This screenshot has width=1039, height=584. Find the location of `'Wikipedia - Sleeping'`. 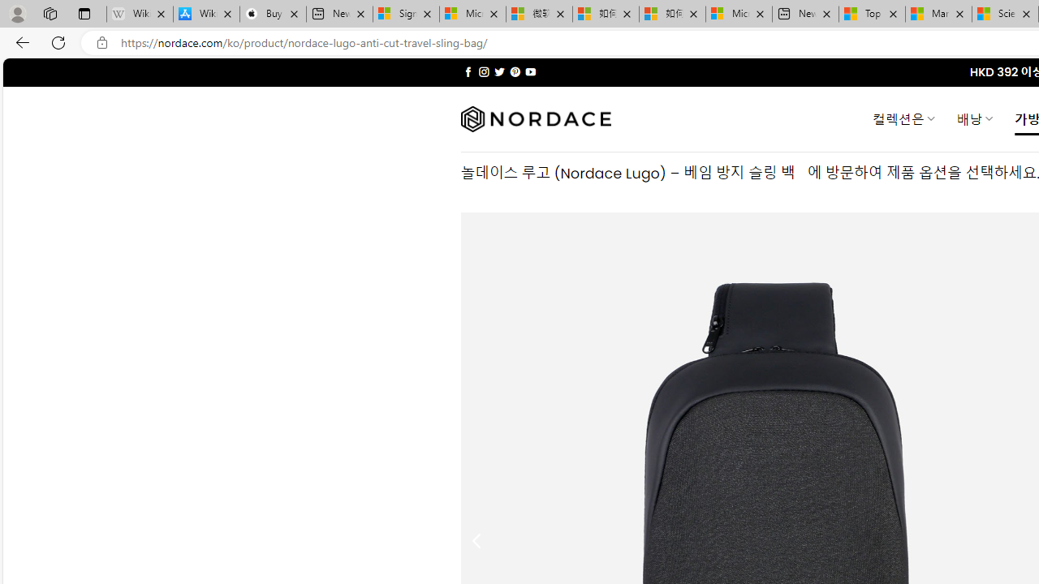

'Wikipedia - Sleeping' is located at coordinates (140, 14).